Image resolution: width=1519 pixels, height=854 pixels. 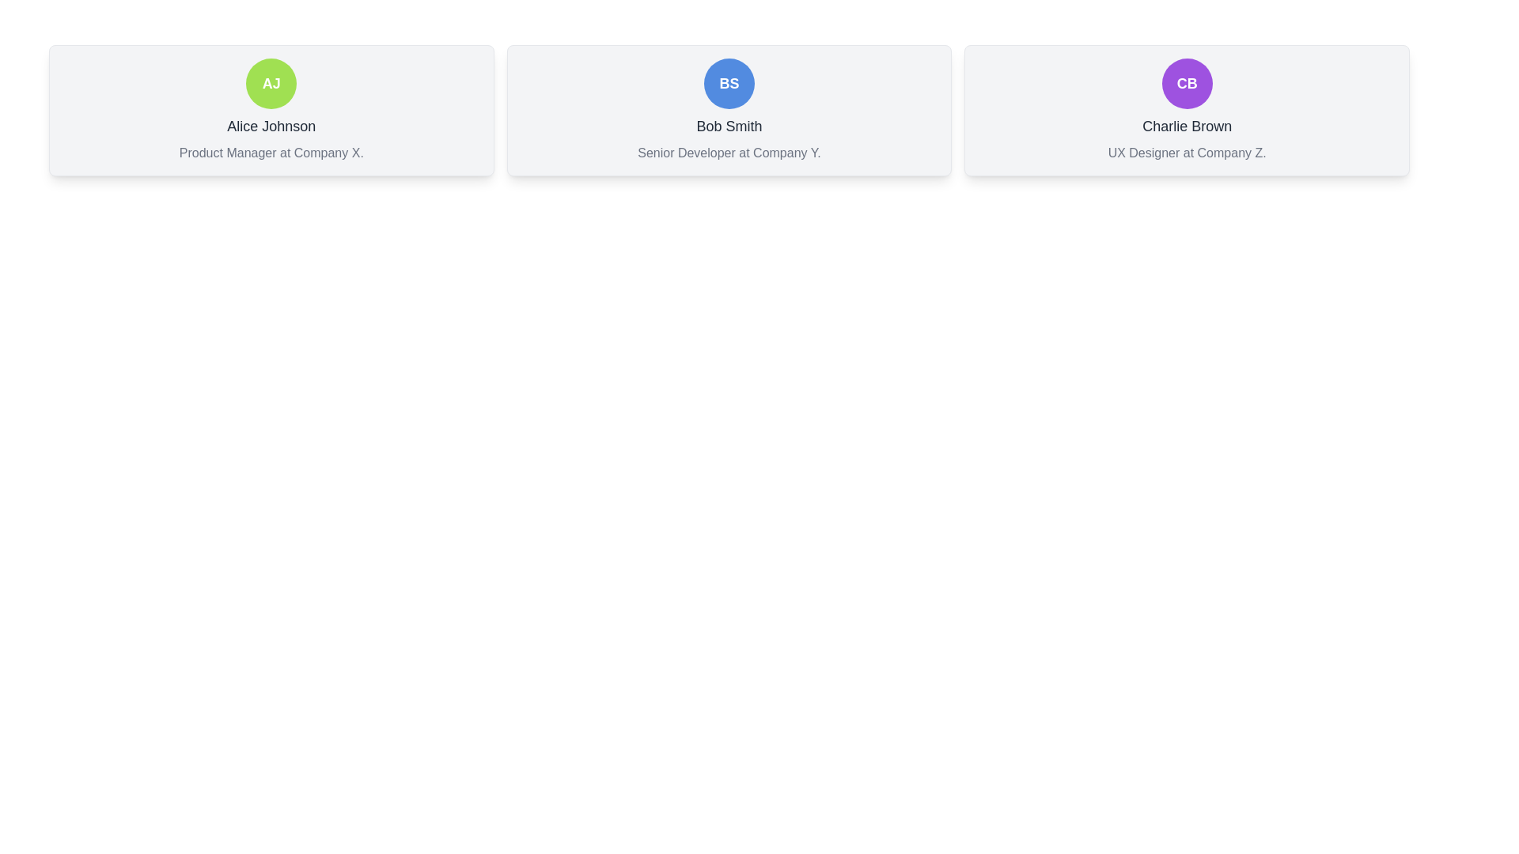 What do you see at coordinates (728, 125) in the screenshot?
I see `the non-interactive text label identifying 'Bob Smith', which is positioned below the badge with 'BS' and above the descriptive text 'Senior Developer at Company Y'` at bounding box center [728, 125].